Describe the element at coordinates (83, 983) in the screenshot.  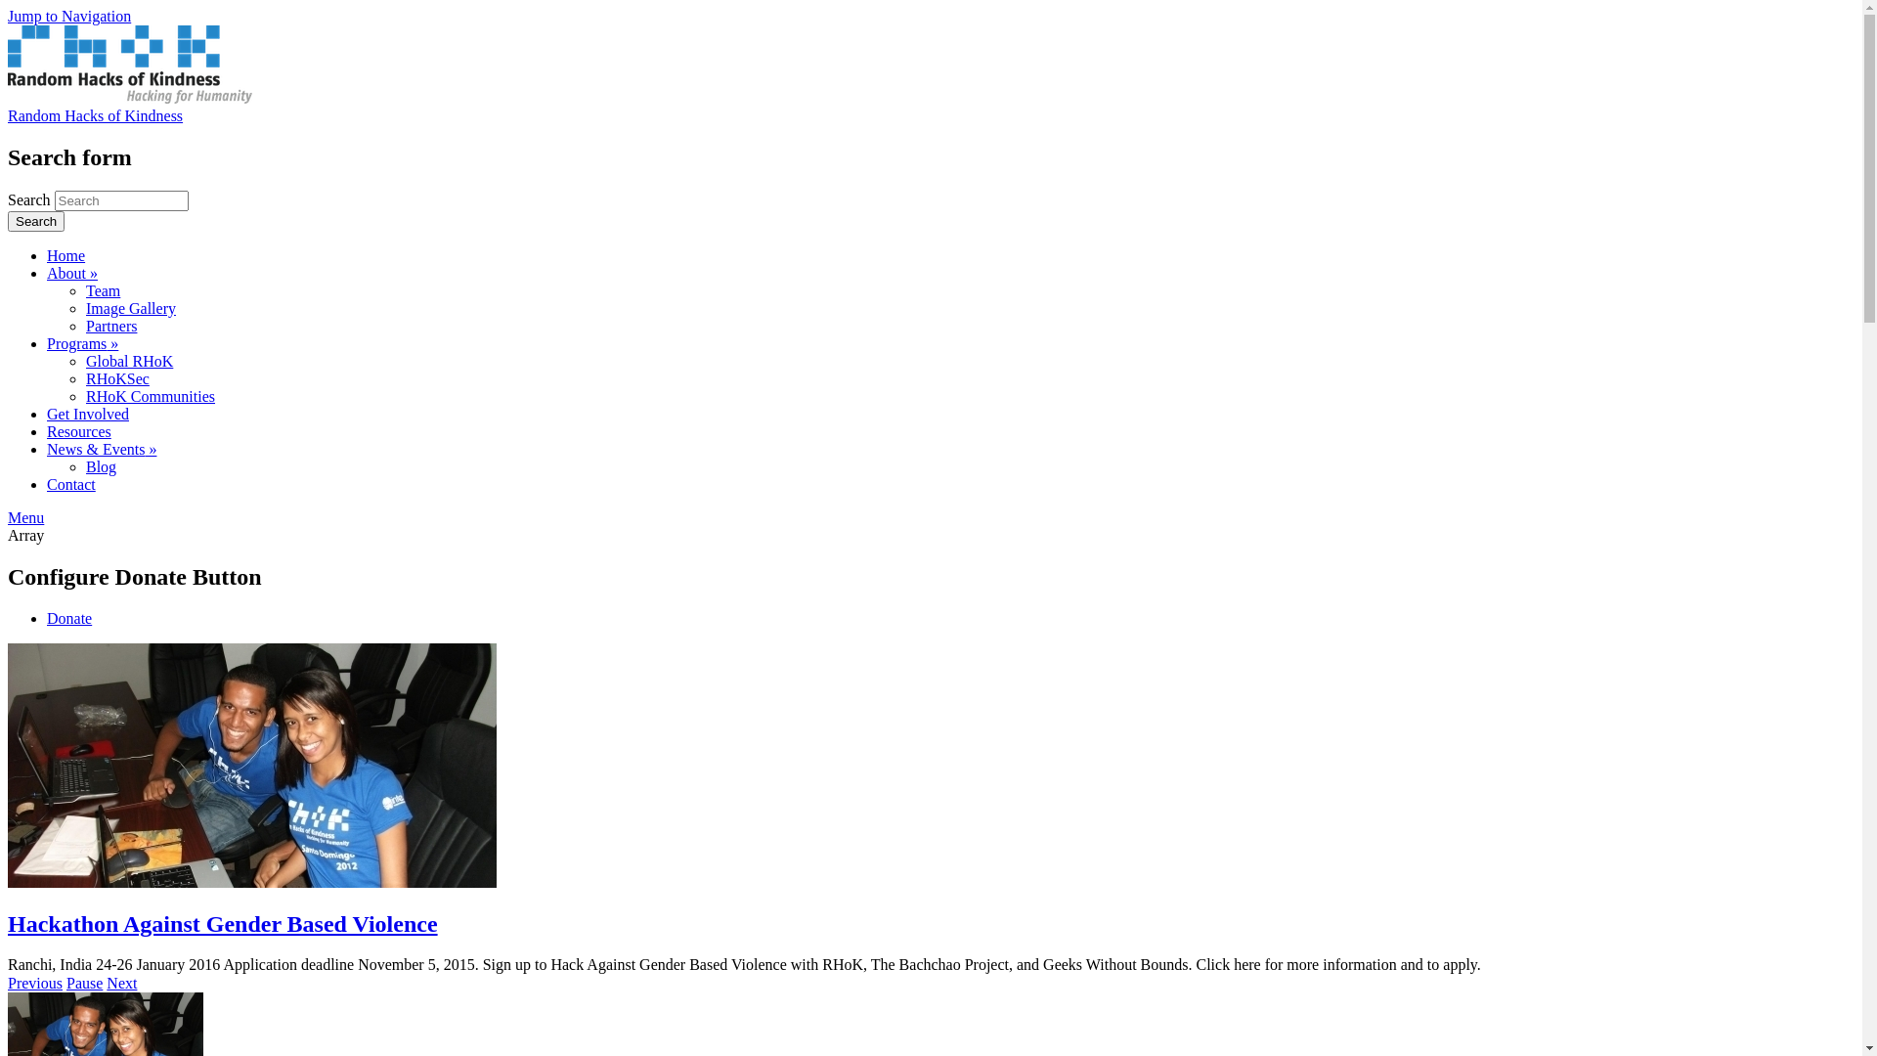
I see `'Pause'` at that location.